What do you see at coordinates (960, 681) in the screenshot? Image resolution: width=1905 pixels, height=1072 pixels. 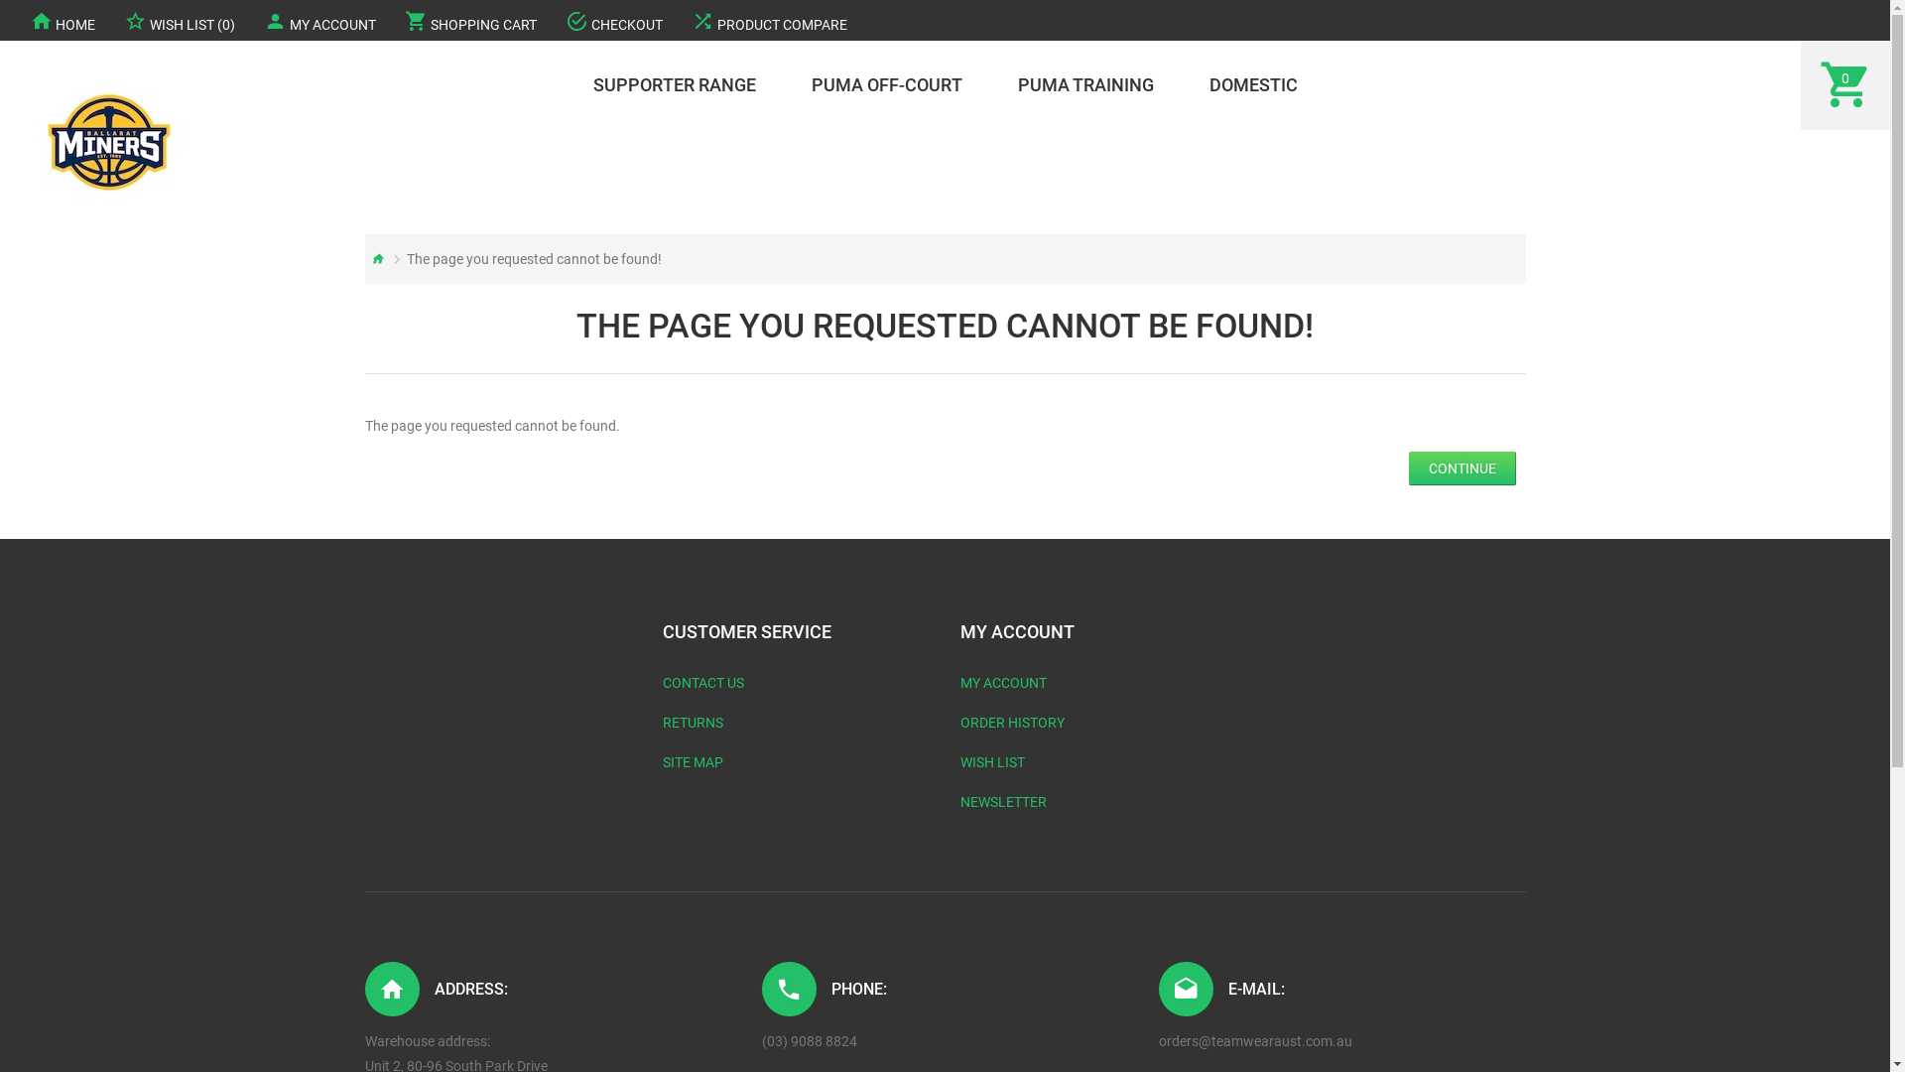 I see `'MY ACCOUNT'` at bounding box center [960, 681].